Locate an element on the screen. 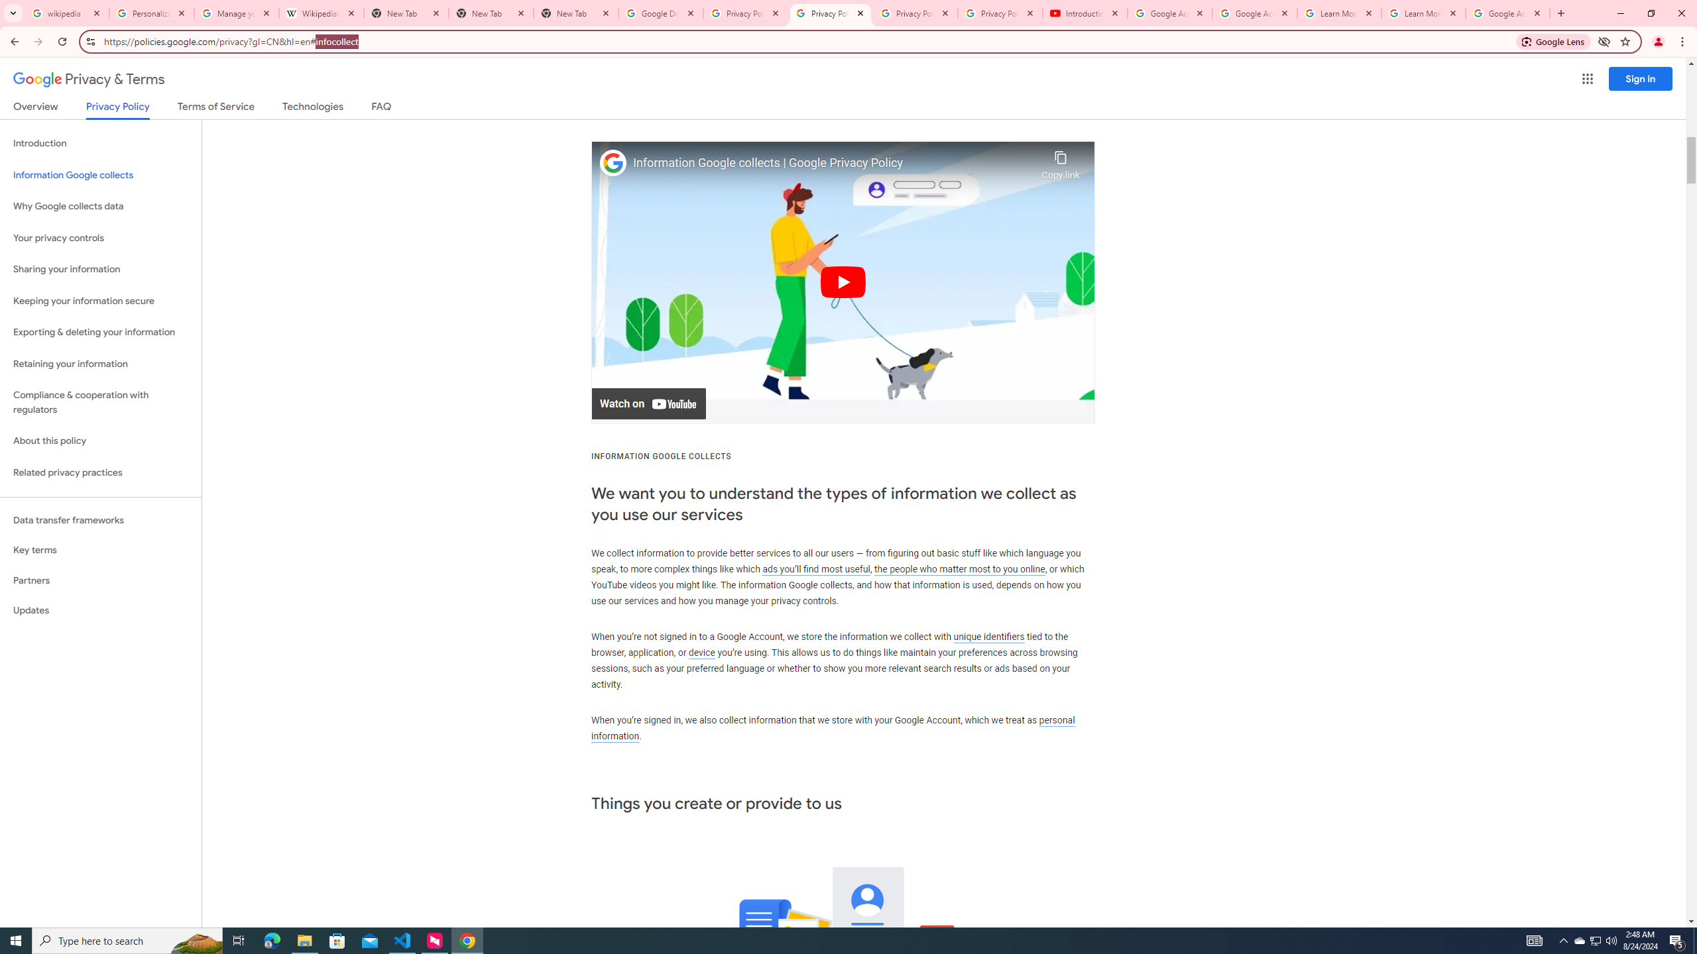 This screenshot has width=1697, height=954. 'Related privacy practices' is located at coordinates (100, 472).